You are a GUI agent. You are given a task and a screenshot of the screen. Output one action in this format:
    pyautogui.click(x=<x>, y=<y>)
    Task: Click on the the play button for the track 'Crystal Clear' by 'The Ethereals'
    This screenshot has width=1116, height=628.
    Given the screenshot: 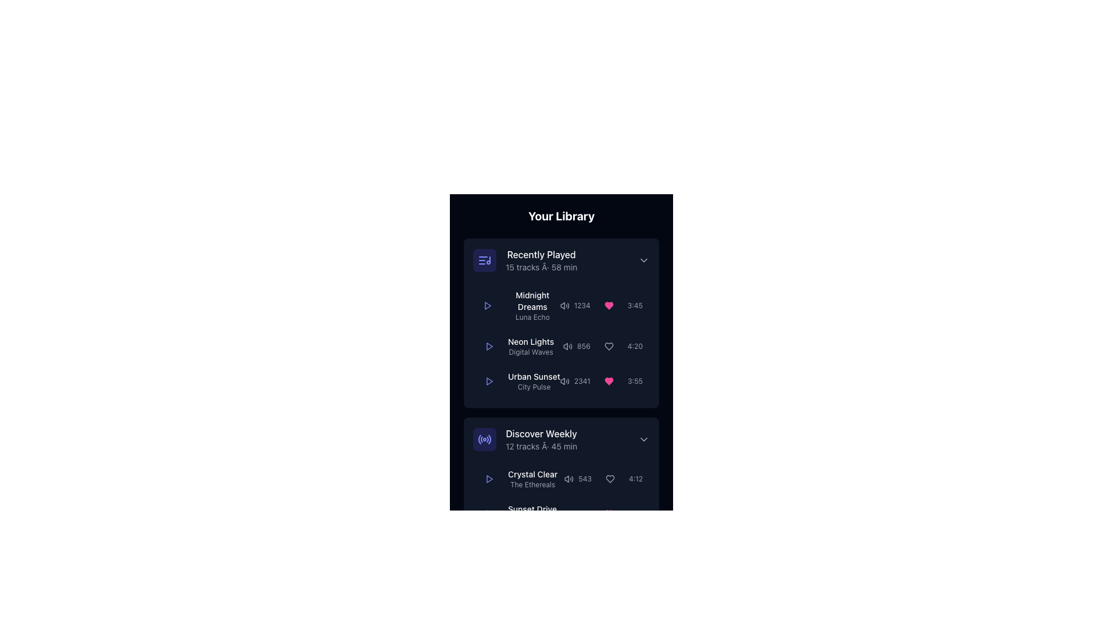 What is the action you would take?
    pyautogui.click(x=489, y=479)
    